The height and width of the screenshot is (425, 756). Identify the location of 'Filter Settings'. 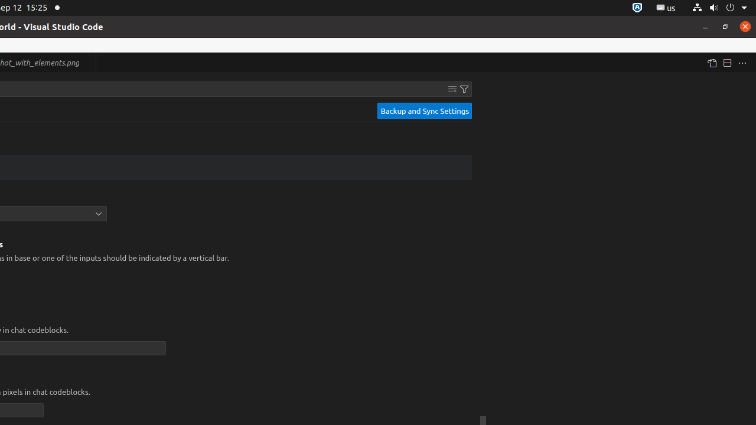
(464, 88).